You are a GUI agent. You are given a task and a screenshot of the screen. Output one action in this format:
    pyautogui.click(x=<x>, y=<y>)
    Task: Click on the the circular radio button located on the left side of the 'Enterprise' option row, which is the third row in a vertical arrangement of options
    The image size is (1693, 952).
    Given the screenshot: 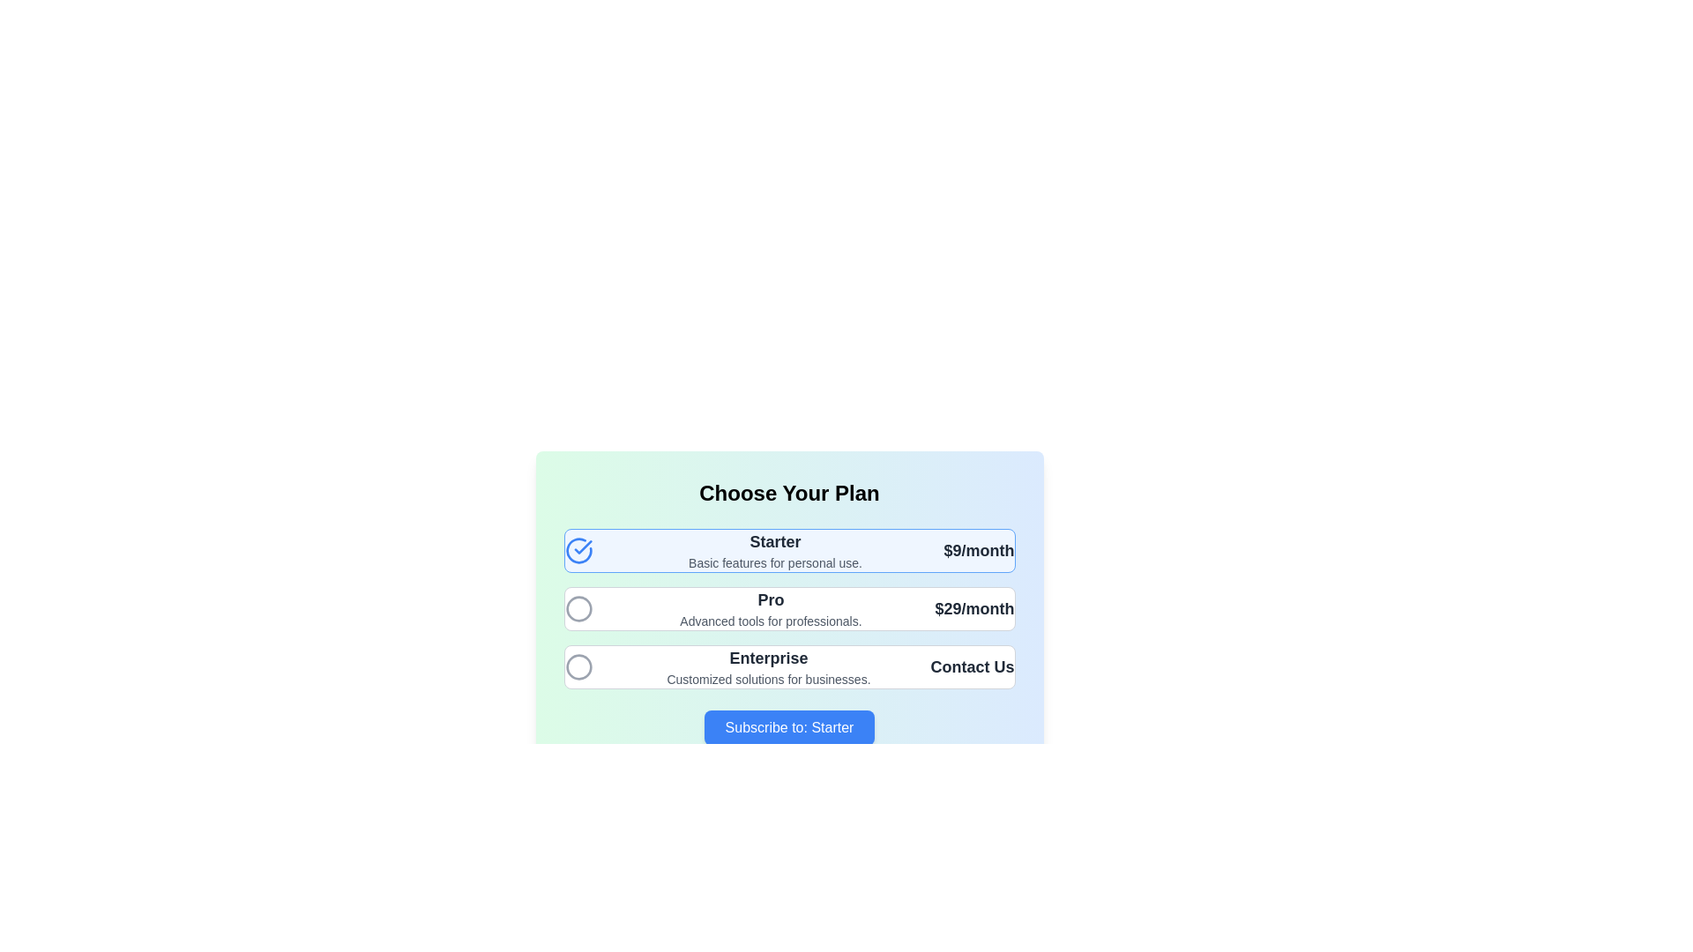 What is the action you would take?
    pyautogui.click(x=578, y=666)
    